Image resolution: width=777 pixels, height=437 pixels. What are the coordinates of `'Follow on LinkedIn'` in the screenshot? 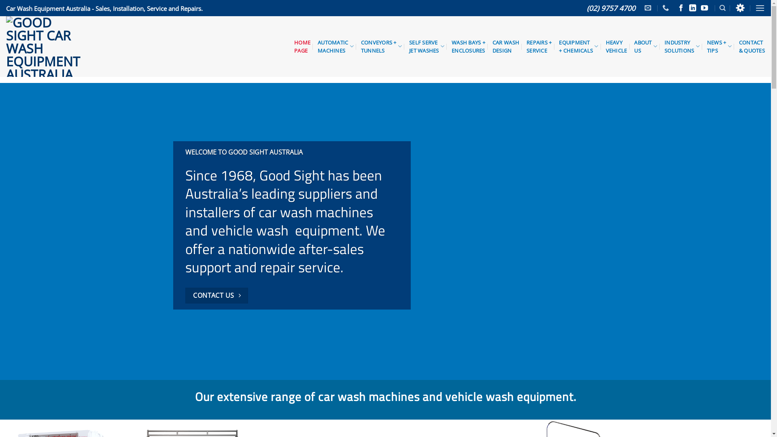 It's located at (692, 8).